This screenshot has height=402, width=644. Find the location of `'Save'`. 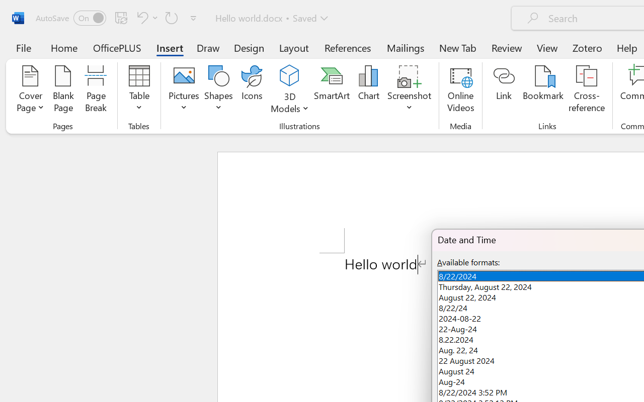

'Save' is located at coordinates (121, 17).